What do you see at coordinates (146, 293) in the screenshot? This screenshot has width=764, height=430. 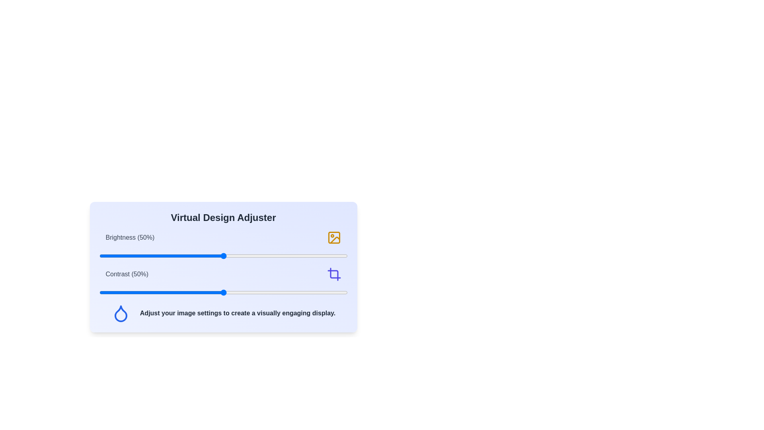 I see `the contrast slider to set the contrast level to 19` at bounding box center [146, 293].